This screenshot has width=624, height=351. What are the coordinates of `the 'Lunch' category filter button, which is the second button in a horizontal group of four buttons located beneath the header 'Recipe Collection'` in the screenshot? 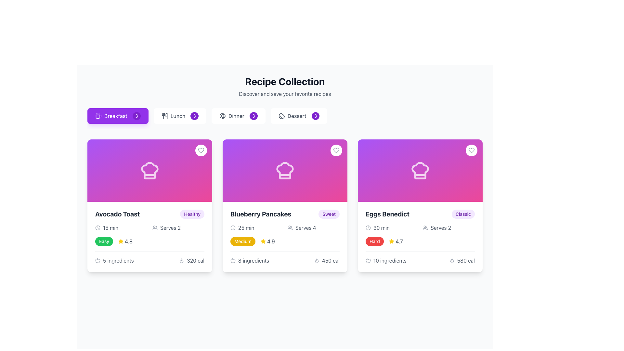 It's located at (180, 116).